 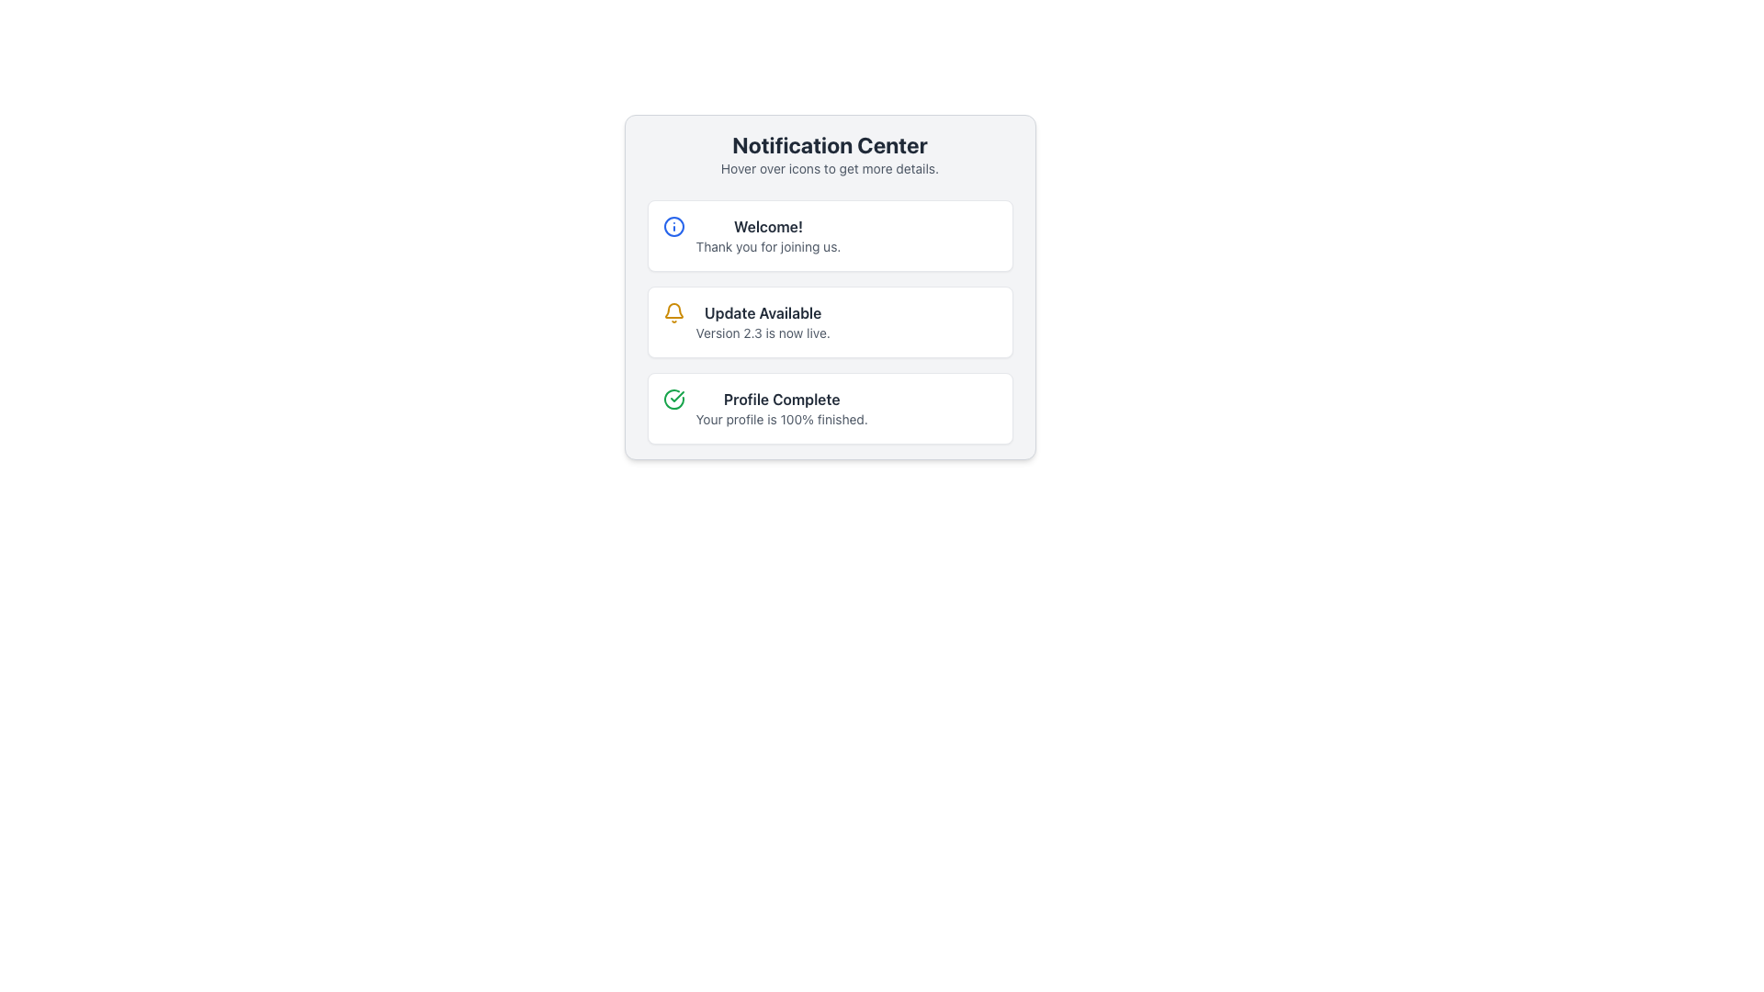 What do you see at coordinates (768, 246) in the screenshot?
I see `supplementary text displayed below the 'Welcome!' heading in the notification center` at bounding box center [768, 246].